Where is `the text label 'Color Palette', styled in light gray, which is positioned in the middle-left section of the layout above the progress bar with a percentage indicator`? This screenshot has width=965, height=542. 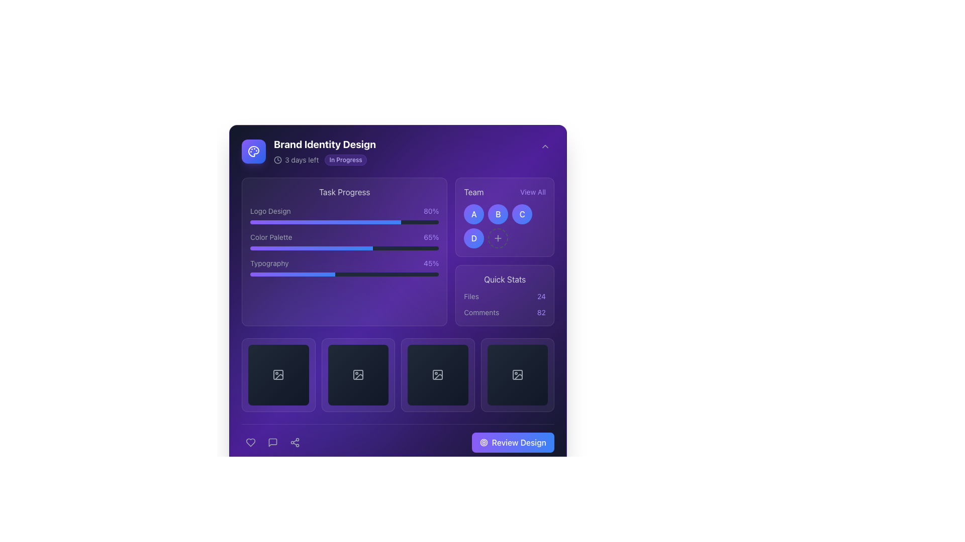 the text label 'Color Palette', styled in light gray, which is positioned in the middle-left section of the layout above the progress bar with a percentage indicator is located at coordinates (271, 237).